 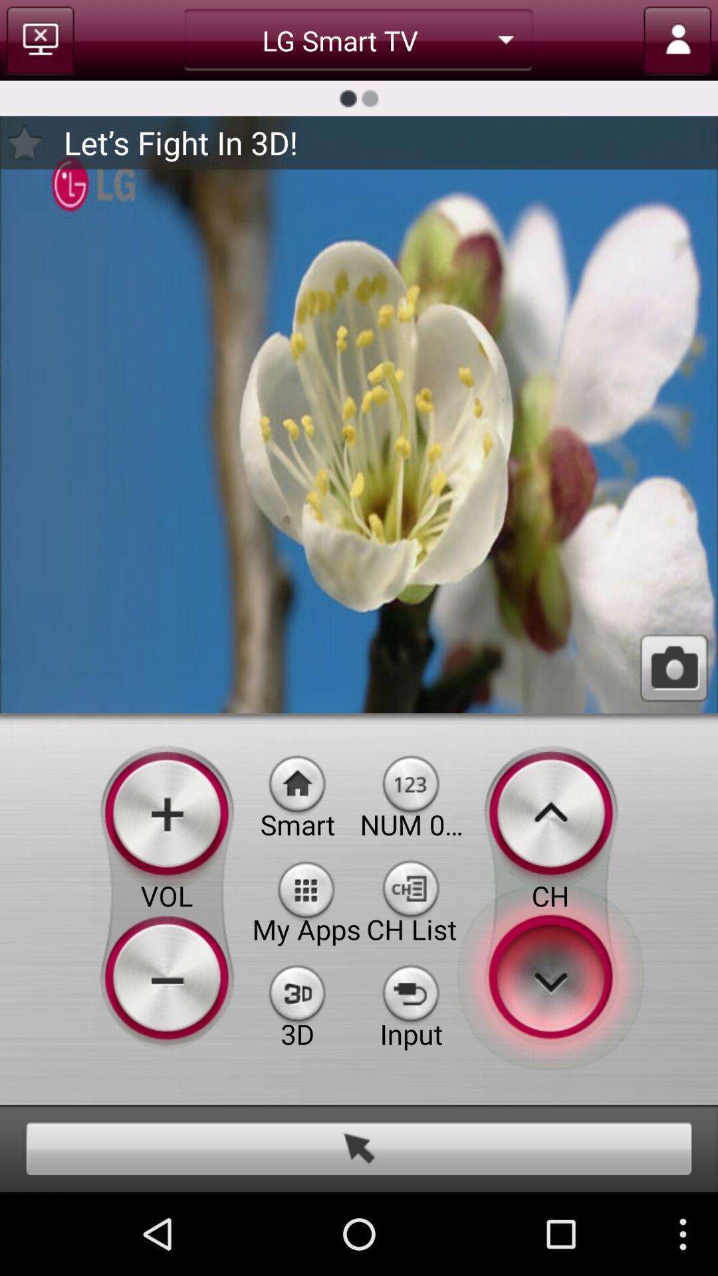 What do you see at coordinates (677, 43) in the screenshot?
I see `the avatar icon` at bounding box center [677, 43].